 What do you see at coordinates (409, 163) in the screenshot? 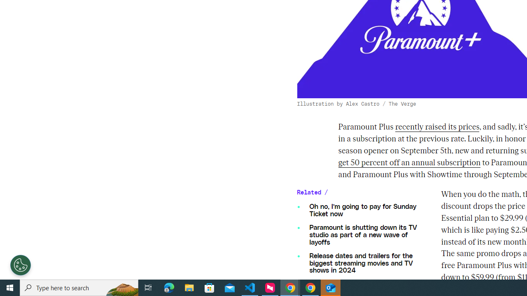
I see `'get 50 percent off an annual subscription'` at bounding box center [409, 163].